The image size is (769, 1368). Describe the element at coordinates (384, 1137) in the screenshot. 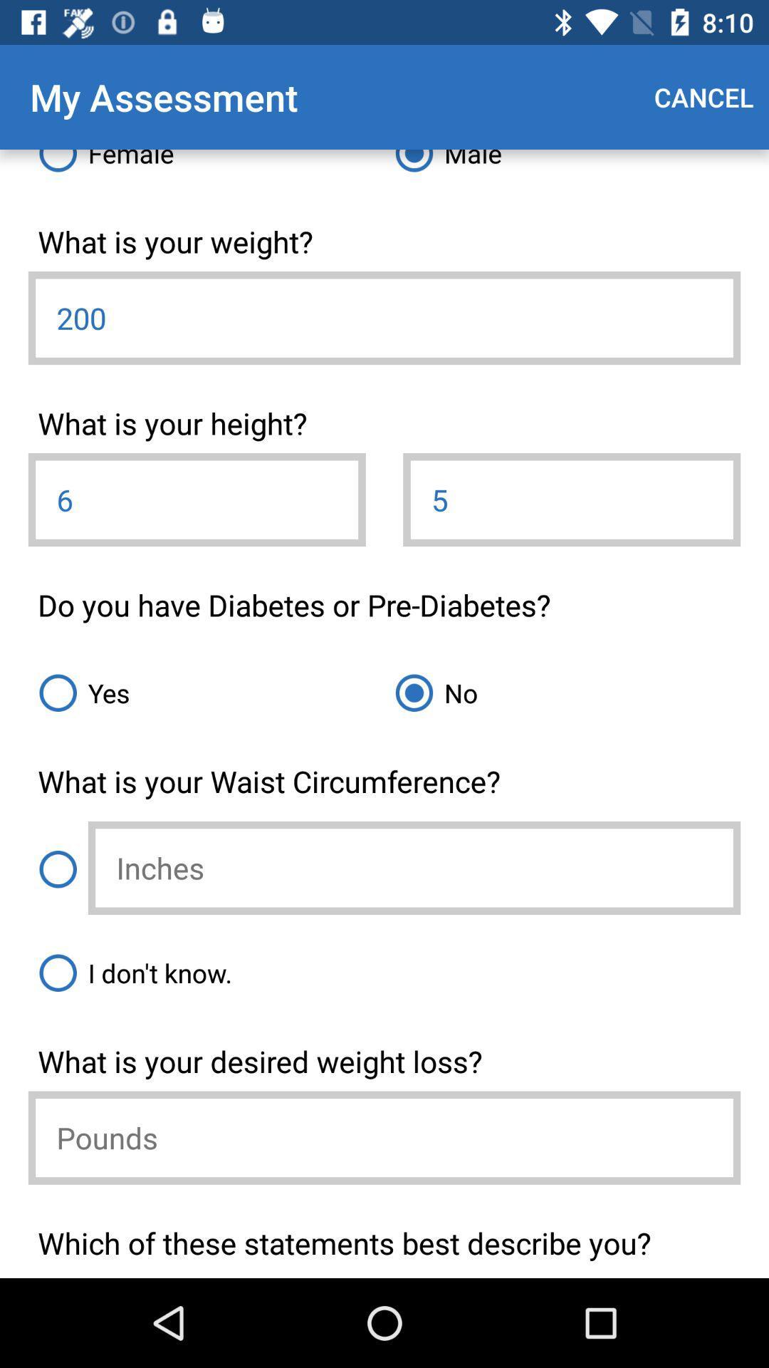

I see `insert pounds field` at that location.